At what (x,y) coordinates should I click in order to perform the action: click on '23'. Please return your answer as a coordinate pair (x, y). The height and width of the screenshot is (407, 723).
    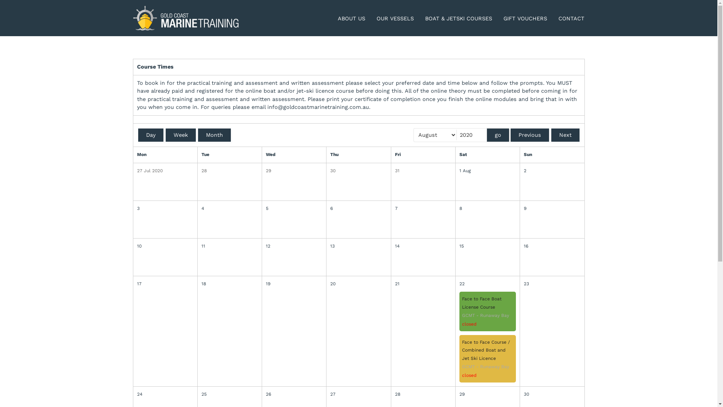
    Looking at the image, I should click on (552, 284).